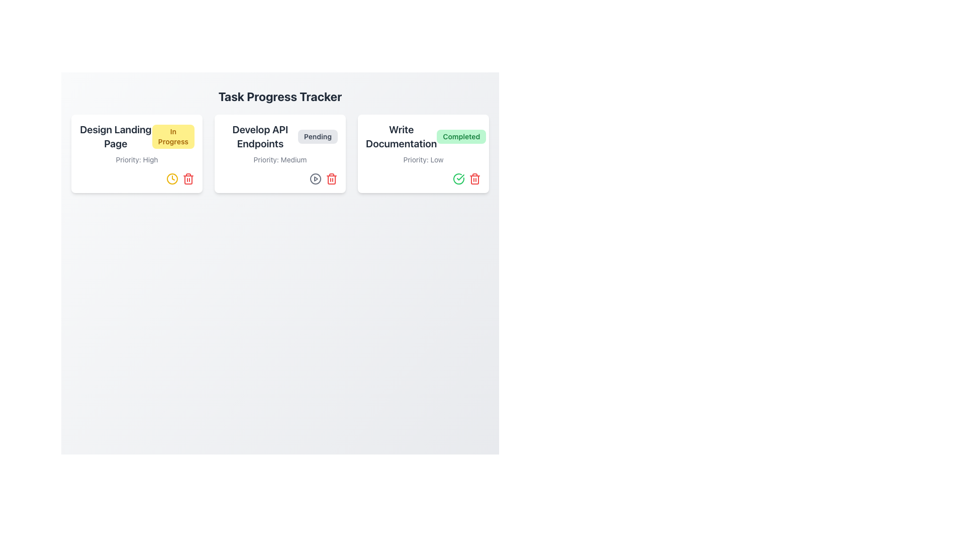 This screenshot has height=543, width=965. What do you see at coordinates (136, 159) in the screenshot?
I see `the text label indicating the priority level of the task 'High' within the task card titled 'Design Landing Page'` at bounding box center [136, 159].